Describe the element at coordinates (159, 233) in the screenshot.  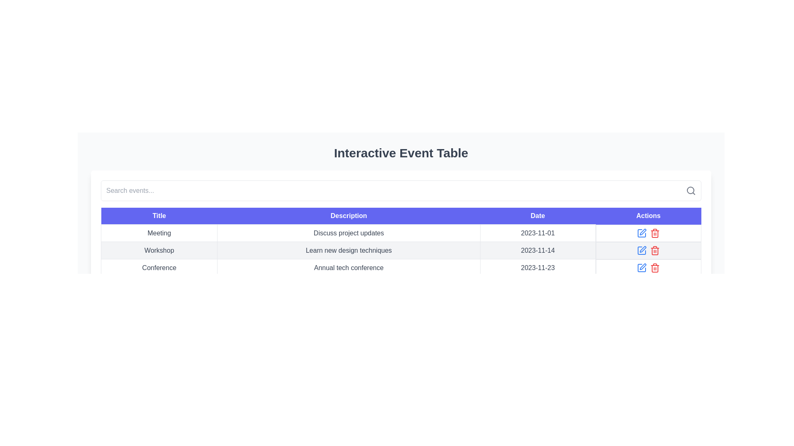
I see `the 'Meeting' text label, which is the first element in the first row of the table under the 'Title' column with a purple header background` at that location.